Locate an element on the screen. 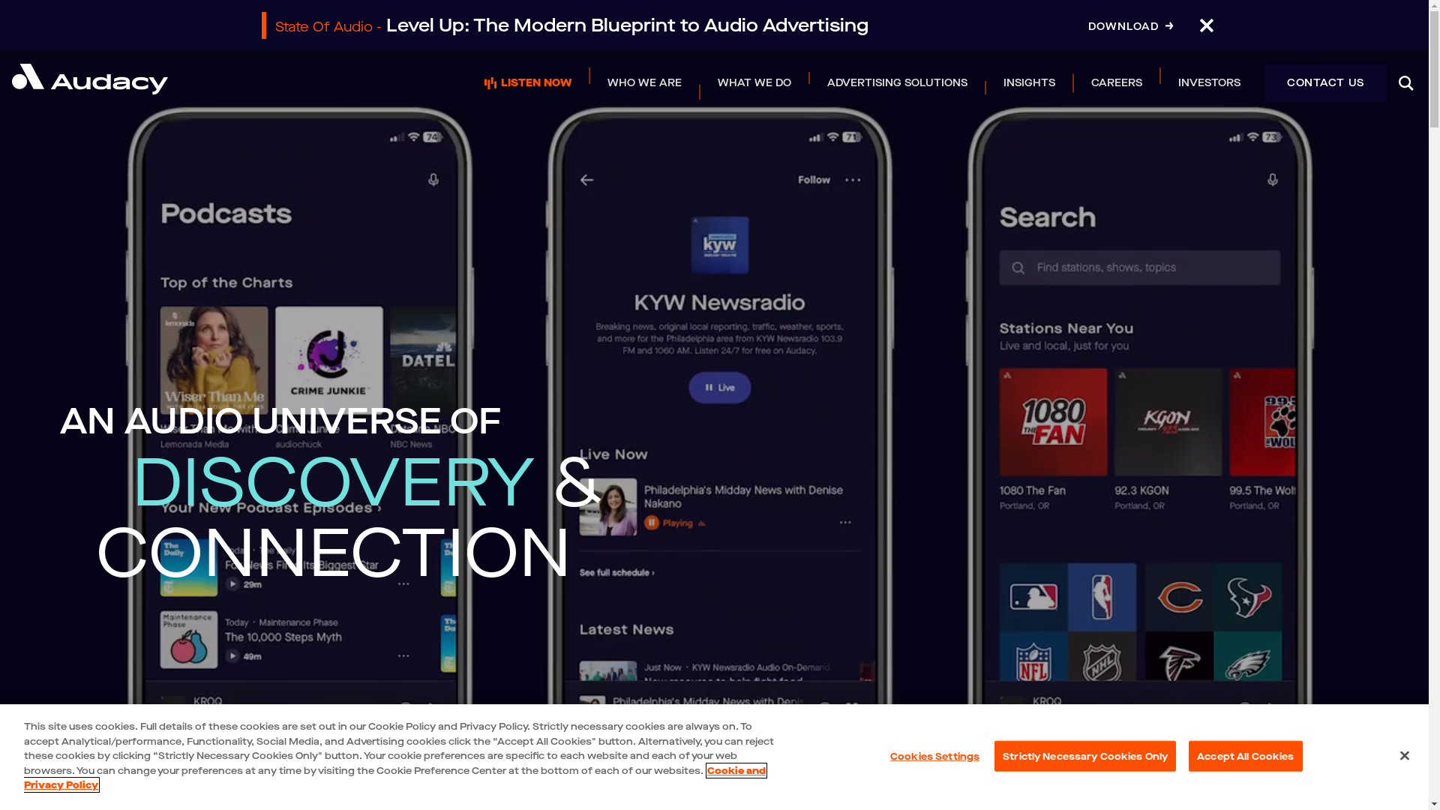  'Strictly Necessary Cookies Only' is located at coordinates (1084, 755).